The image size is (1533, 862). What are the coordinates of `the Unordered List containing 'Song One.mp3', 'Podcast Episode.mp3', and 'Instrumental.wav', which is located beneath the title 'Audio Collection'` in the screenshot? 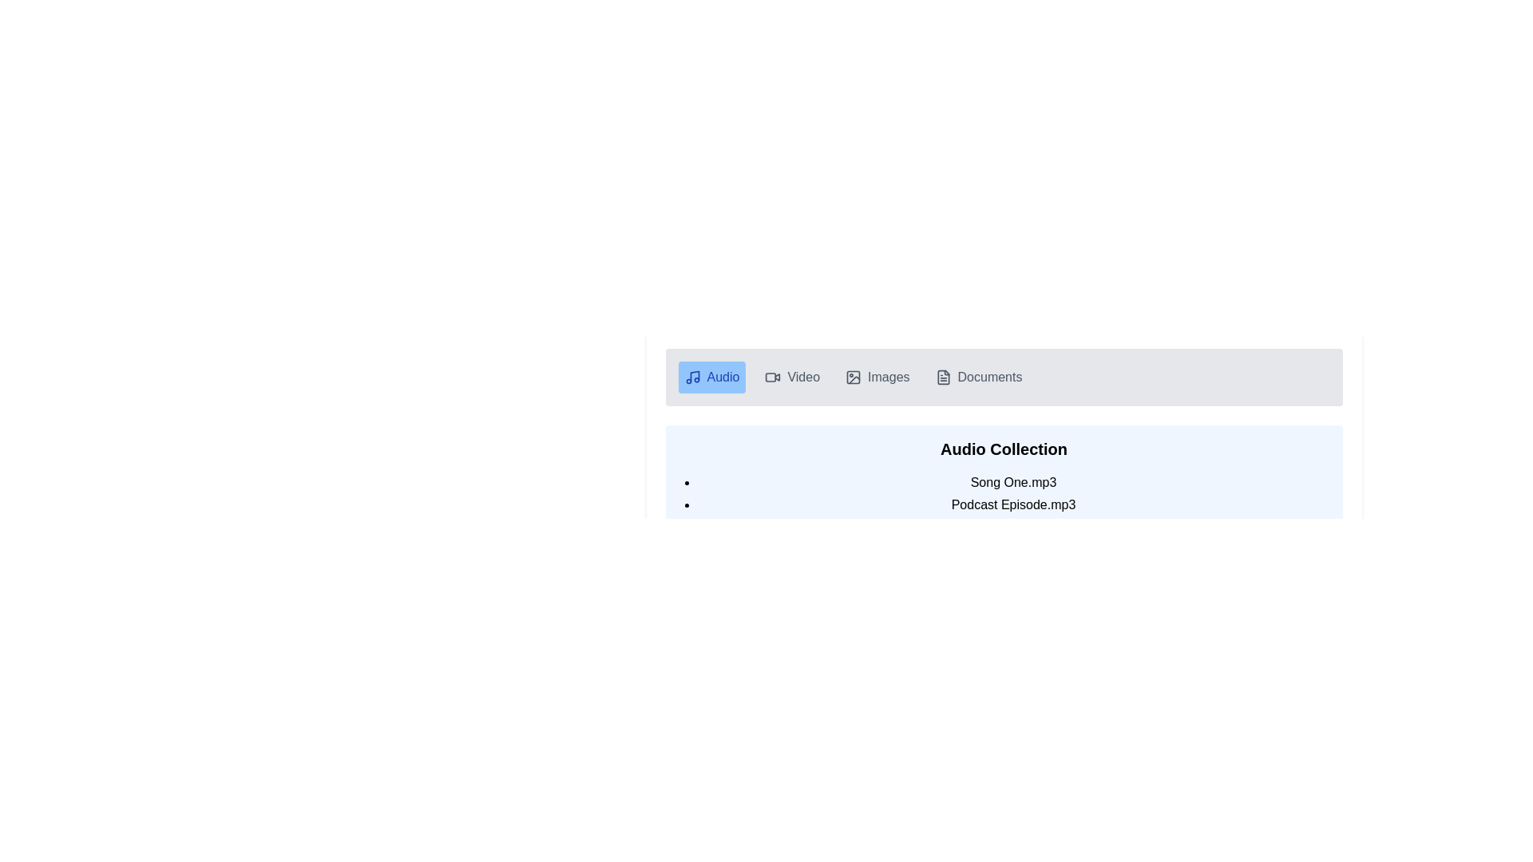 It's located at (1003, 504).